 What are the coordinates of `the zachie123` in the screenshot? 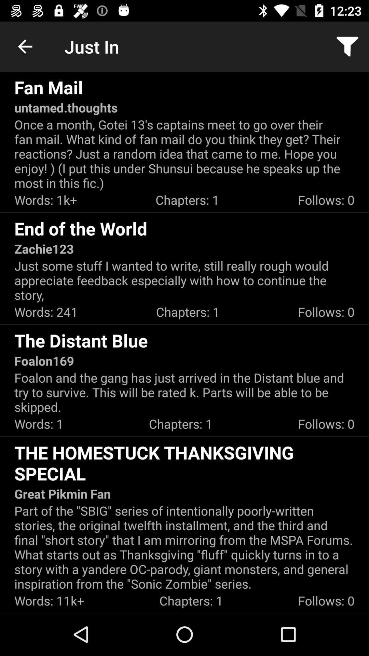 It's located at (44, 248).